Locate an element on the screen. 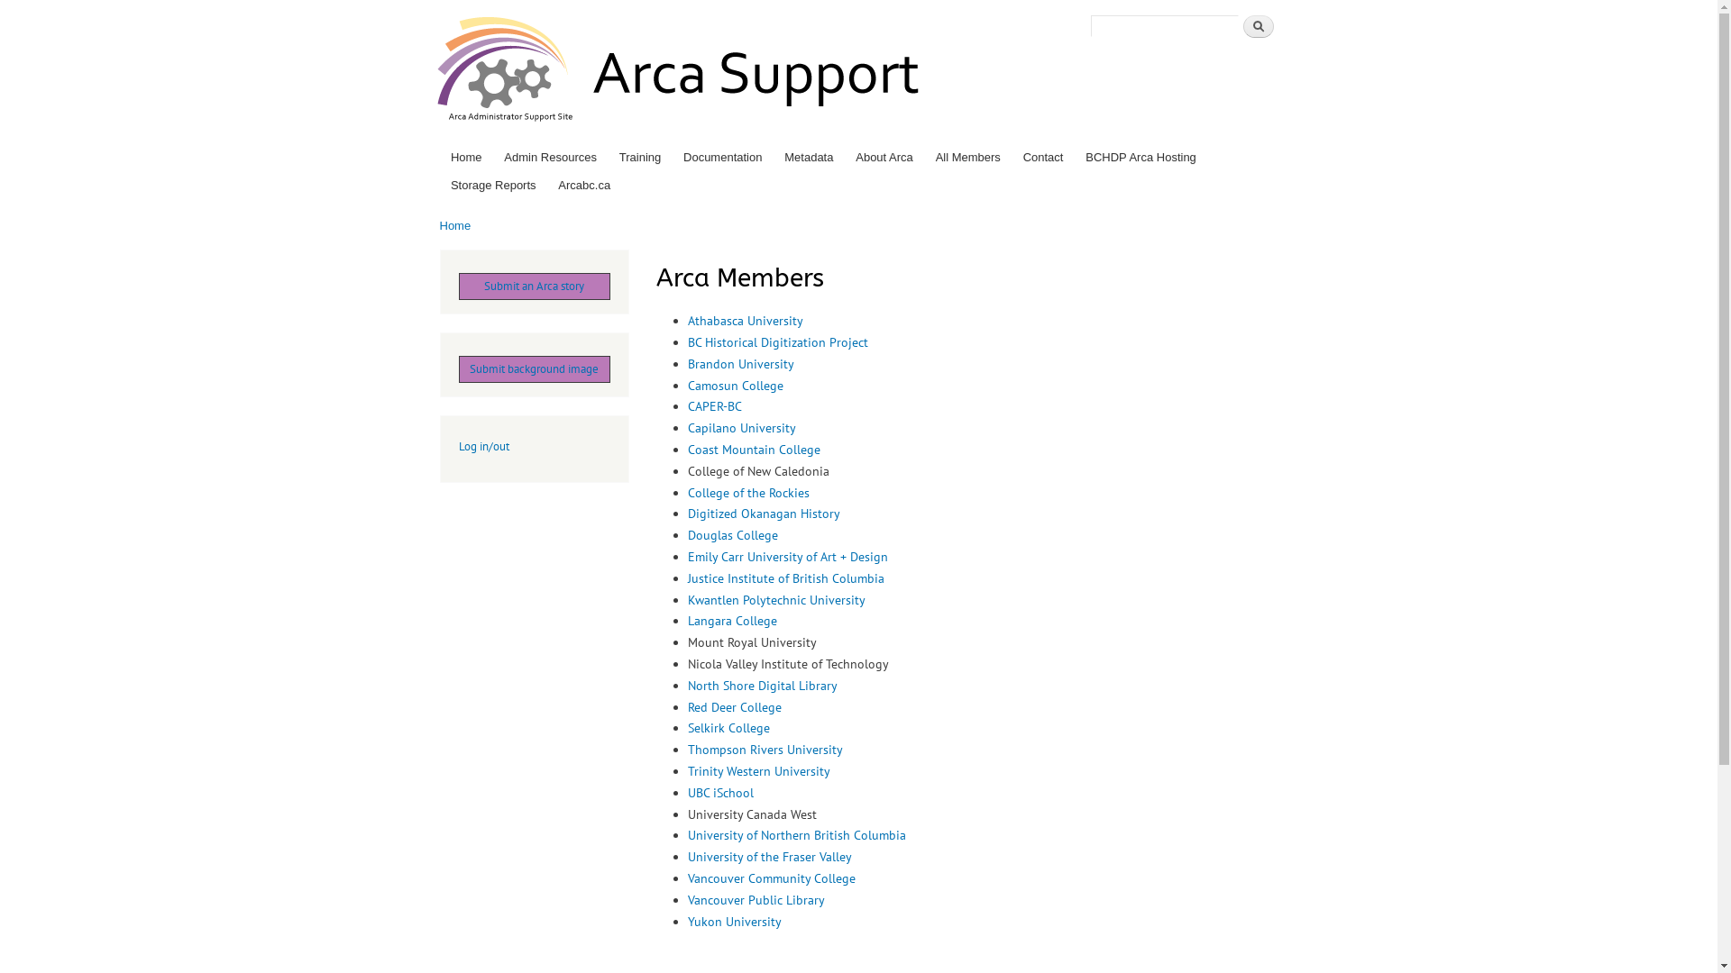 This screenshot has height=973, width=1731. 'Emily Carr University of Art + Design' is located at coordinates (787, 555).